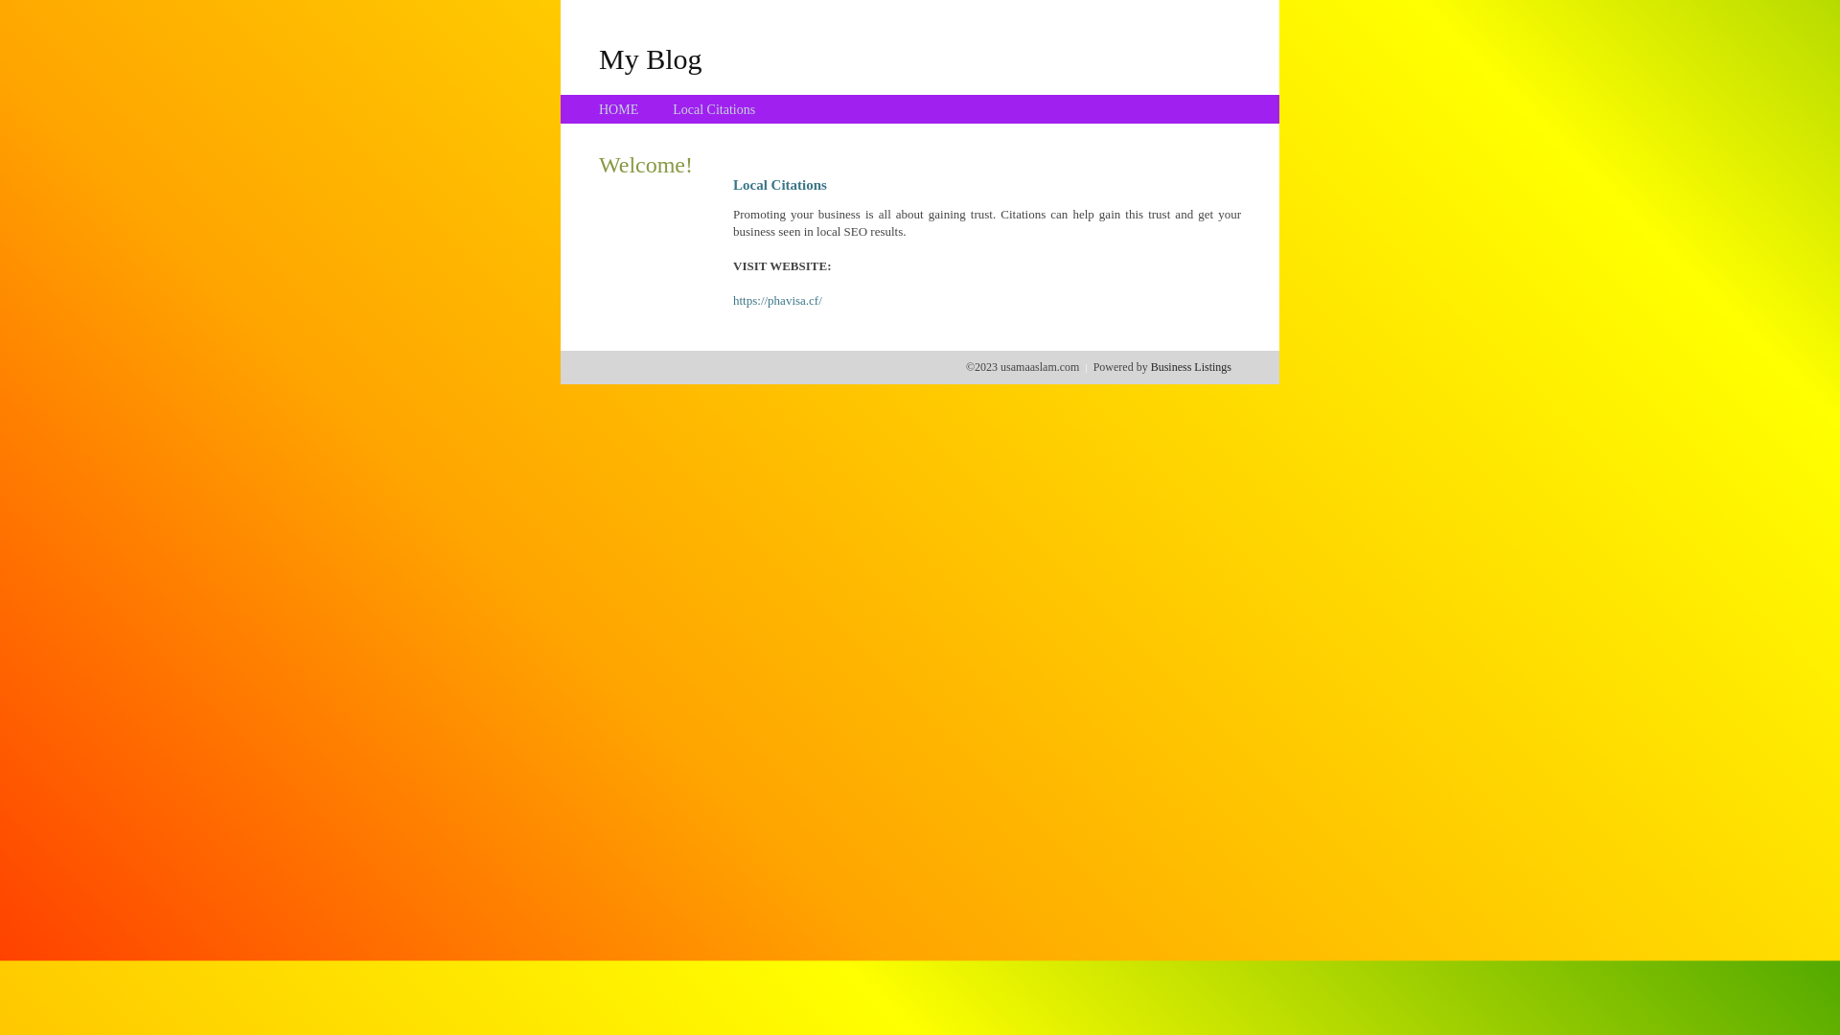 Image resolution: width=1840 pixels, height=1035 pixels. I want to click on 'Business Listings', so click(1190, 366).